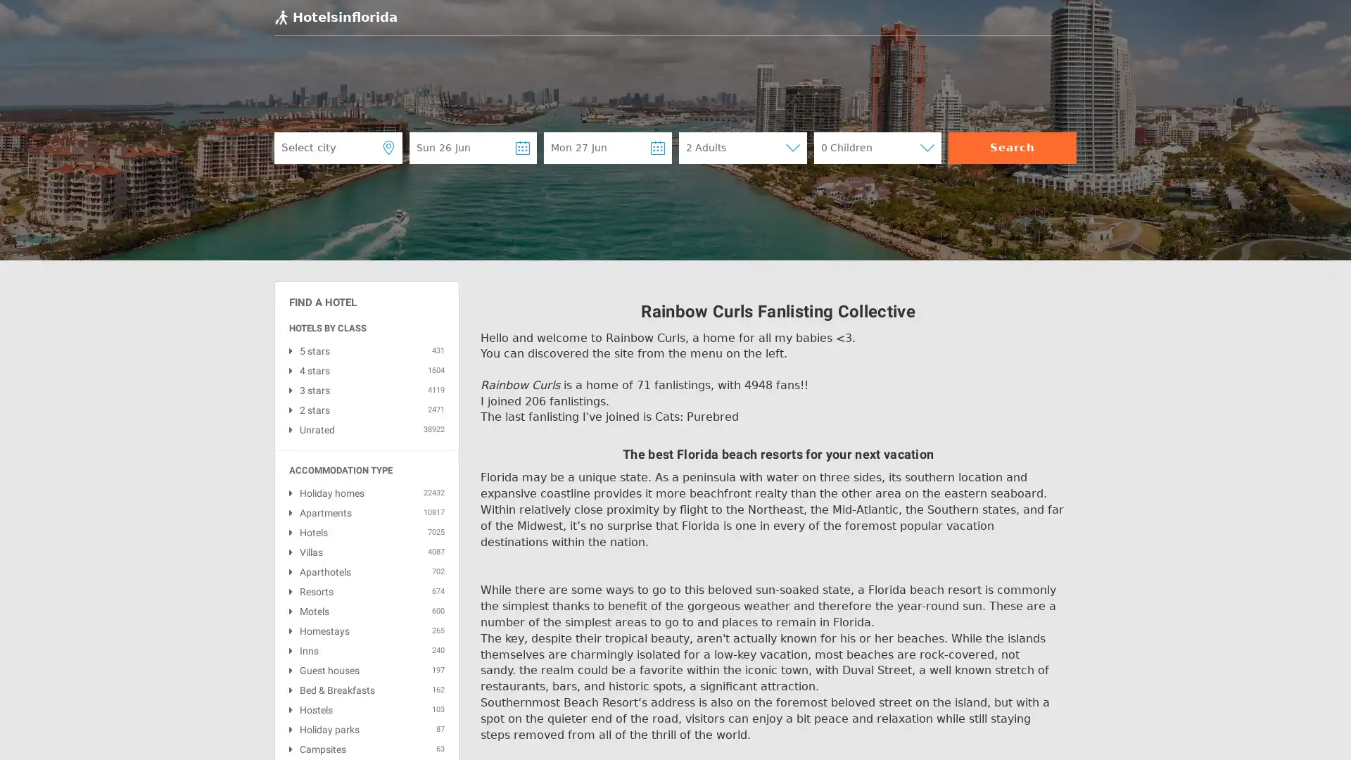 The width and height of the screenshot is (1351, 760). I want to click on Search, so click(1011, 147).